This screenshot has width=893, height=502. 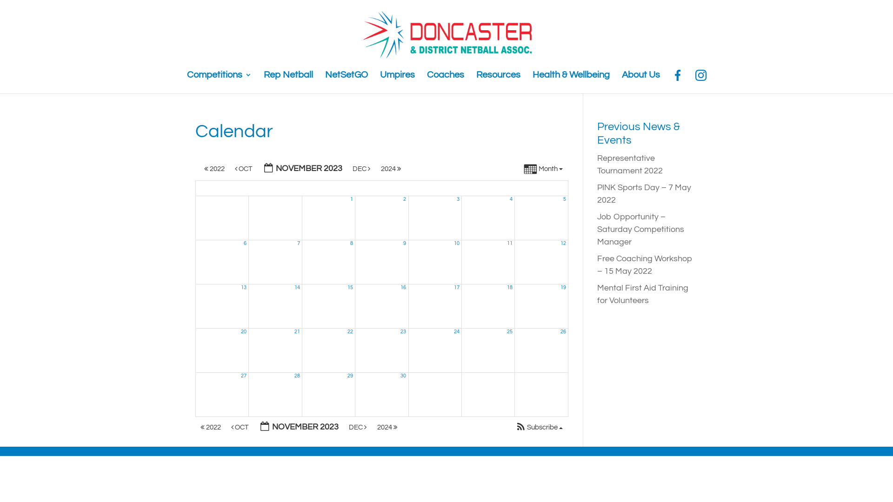 What do you see at coordinates (351, 198) in the screenshot?
I see `'1'` at bounding box center [351, 198].